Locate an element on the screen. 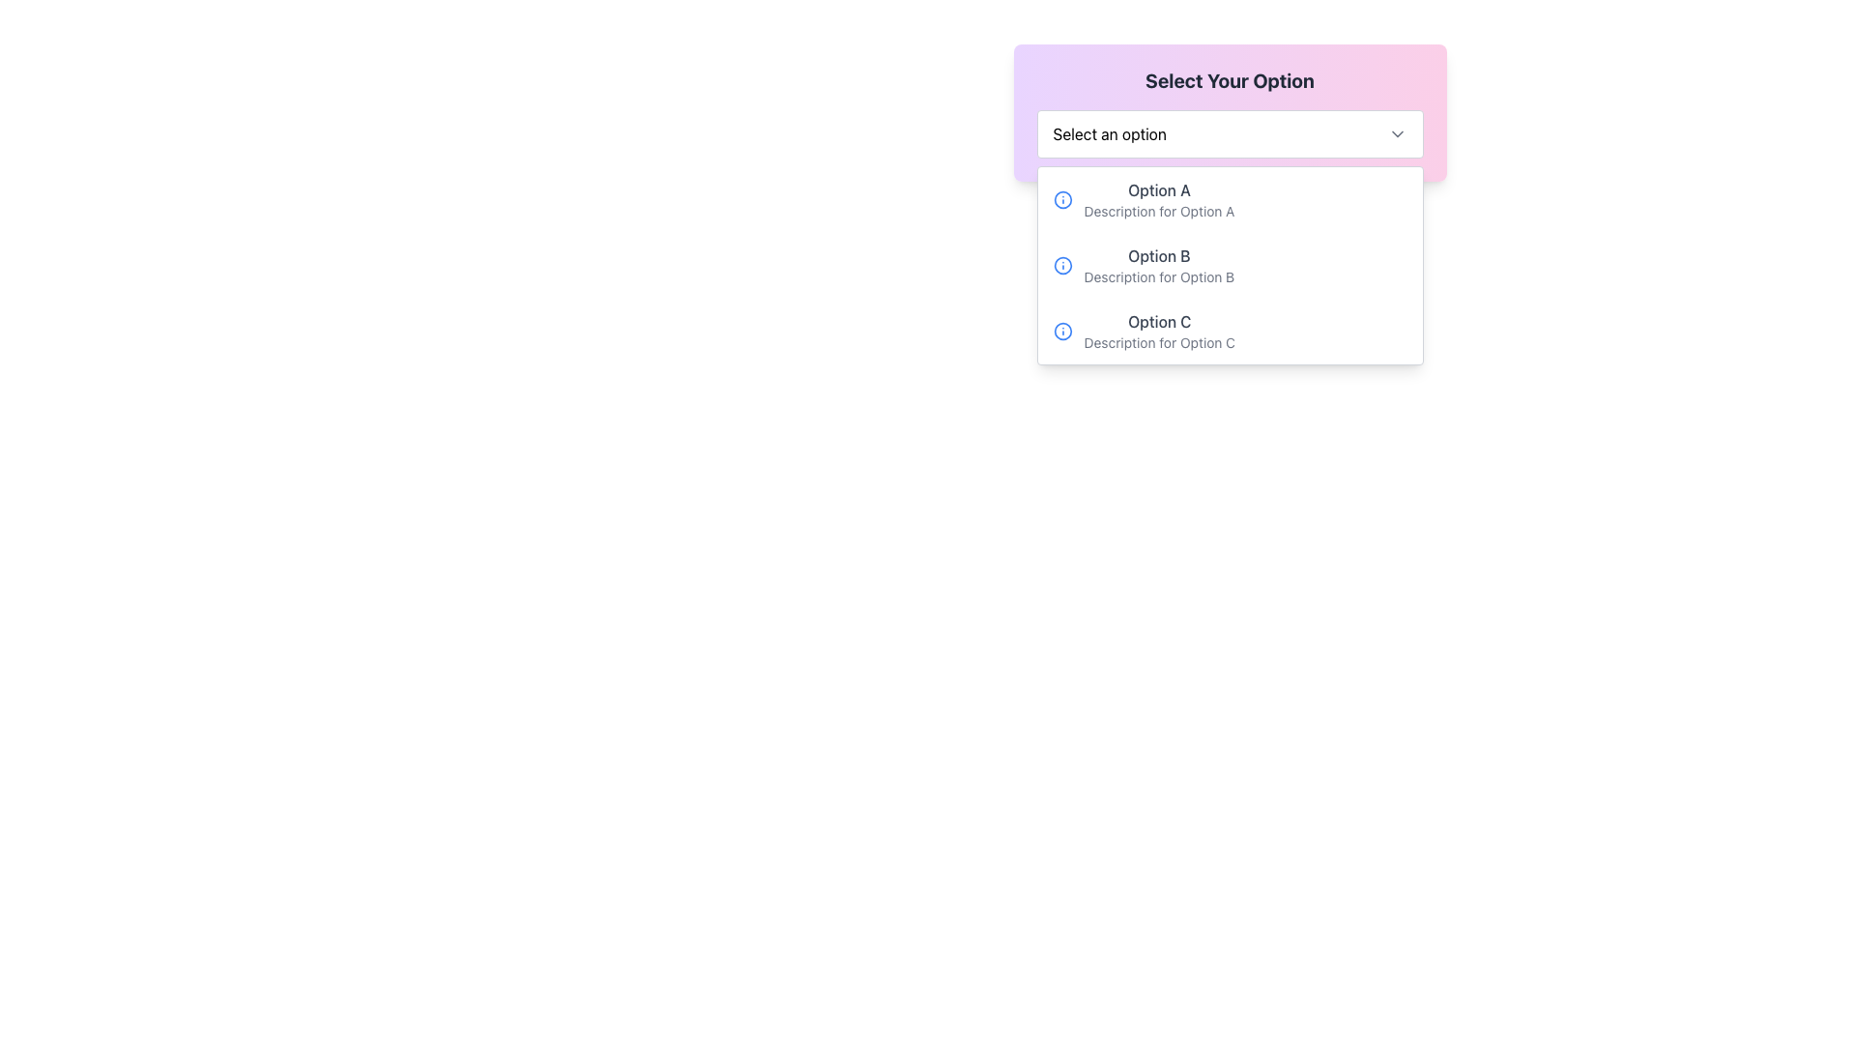 This screenshot has width=1856, height=1044. the circular ring icon with a thin blue outline that is part of the informational icon set for Option B is located at coordinates (1061, 265).